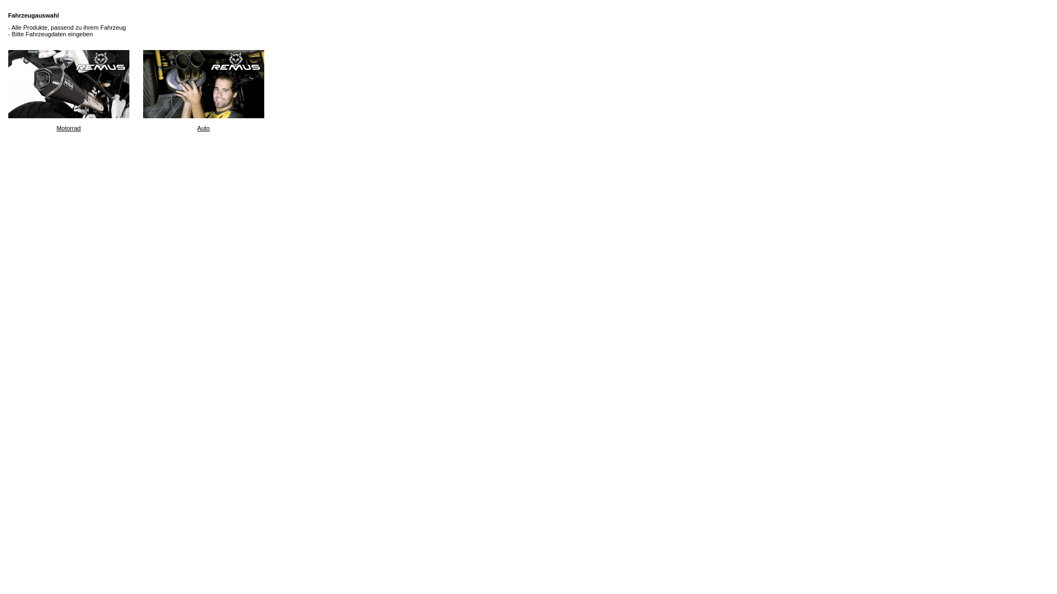  Describe the element at coordinates (203, 90) in the screenshot. I see `'Auto'` at that location.